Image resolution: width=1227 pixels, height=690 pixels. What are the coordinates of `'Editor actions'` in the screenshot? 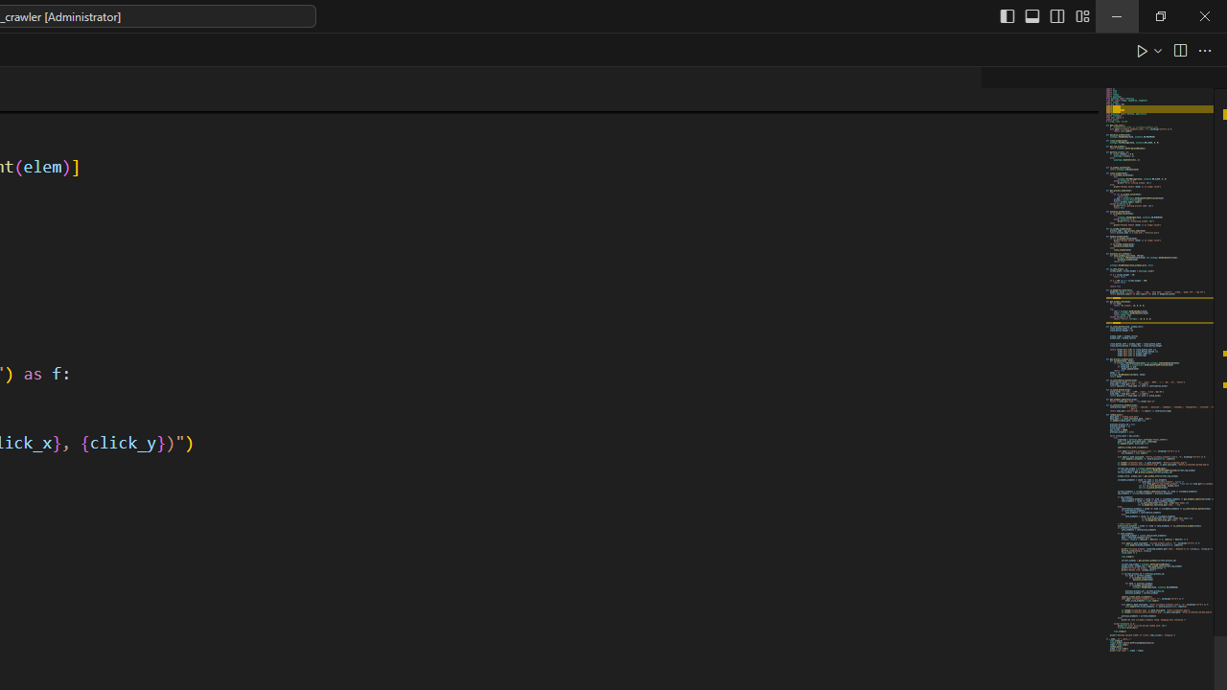 It's located at (1174, 49).